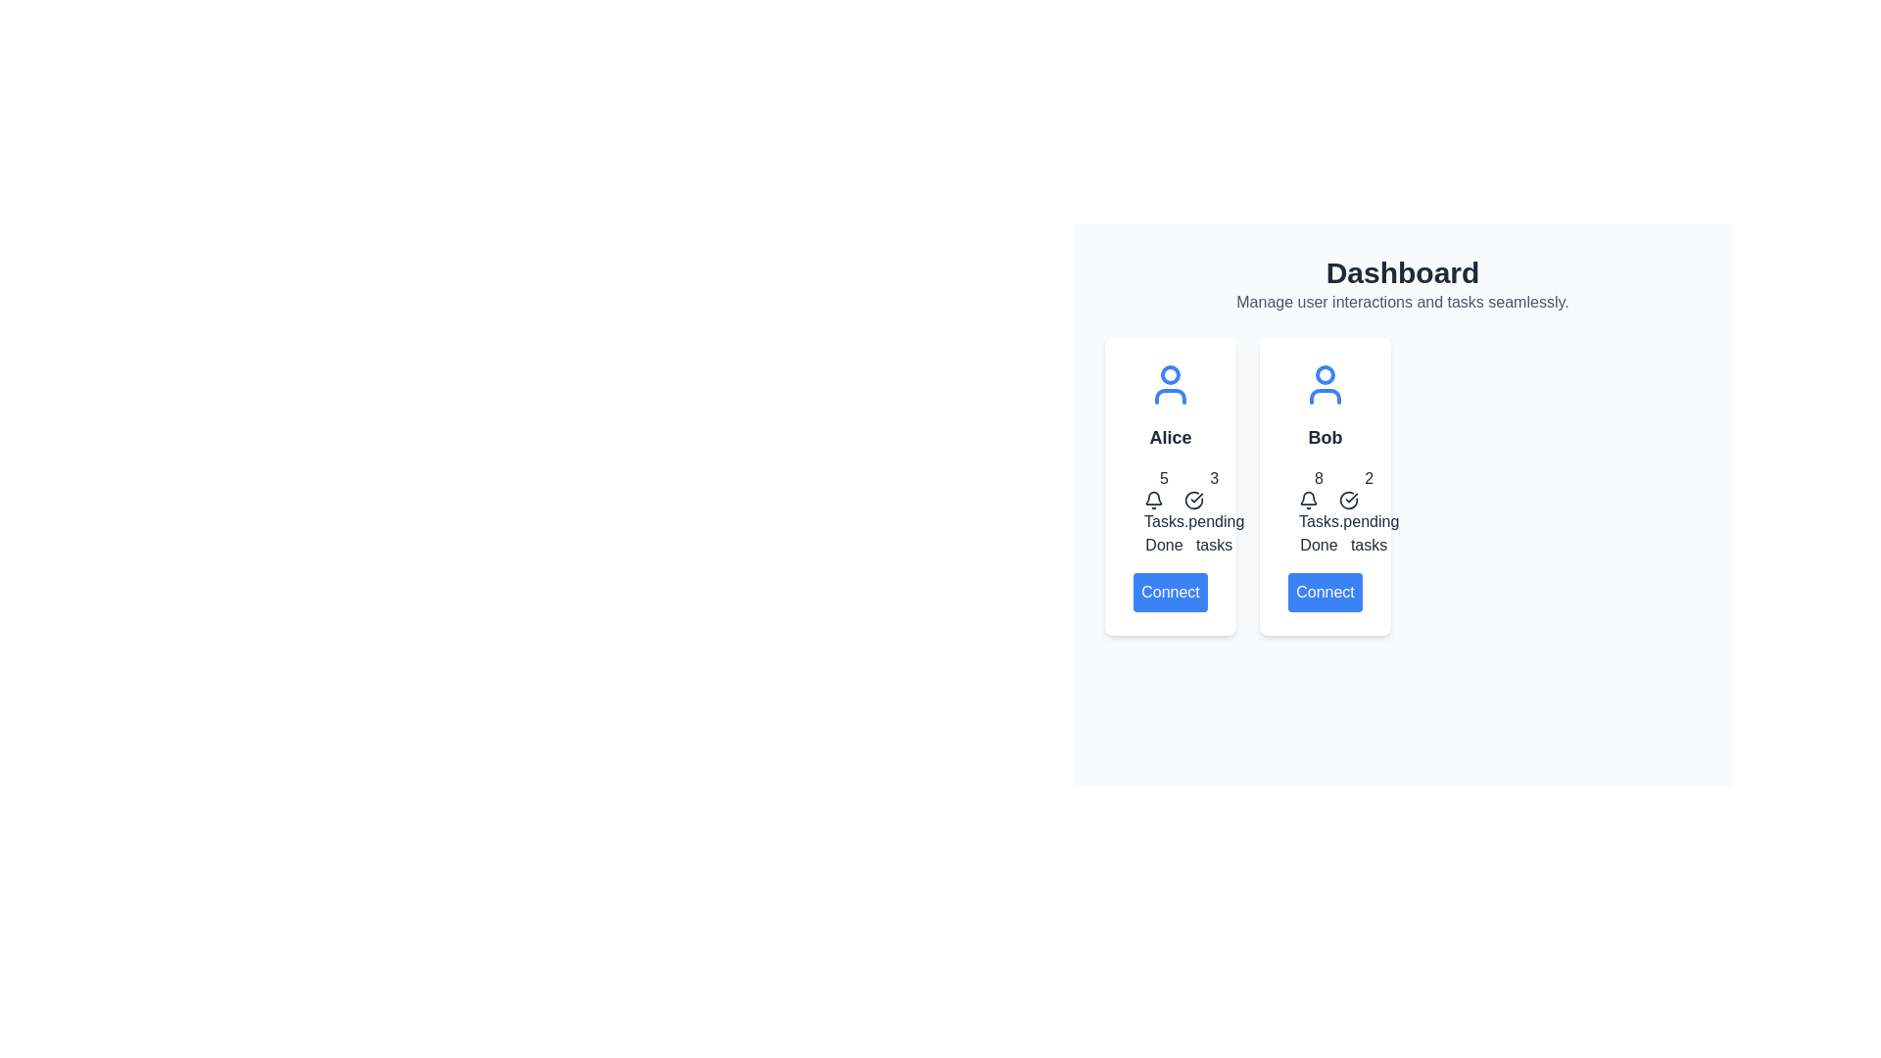  What do you see at coordinates (1164, 511) in the screenshot?
I see `the Informational widget located in the left card below the name 'Alice' and above the 'Connect' button, which displays completed tasks count` at bounding box center [1164, 511].